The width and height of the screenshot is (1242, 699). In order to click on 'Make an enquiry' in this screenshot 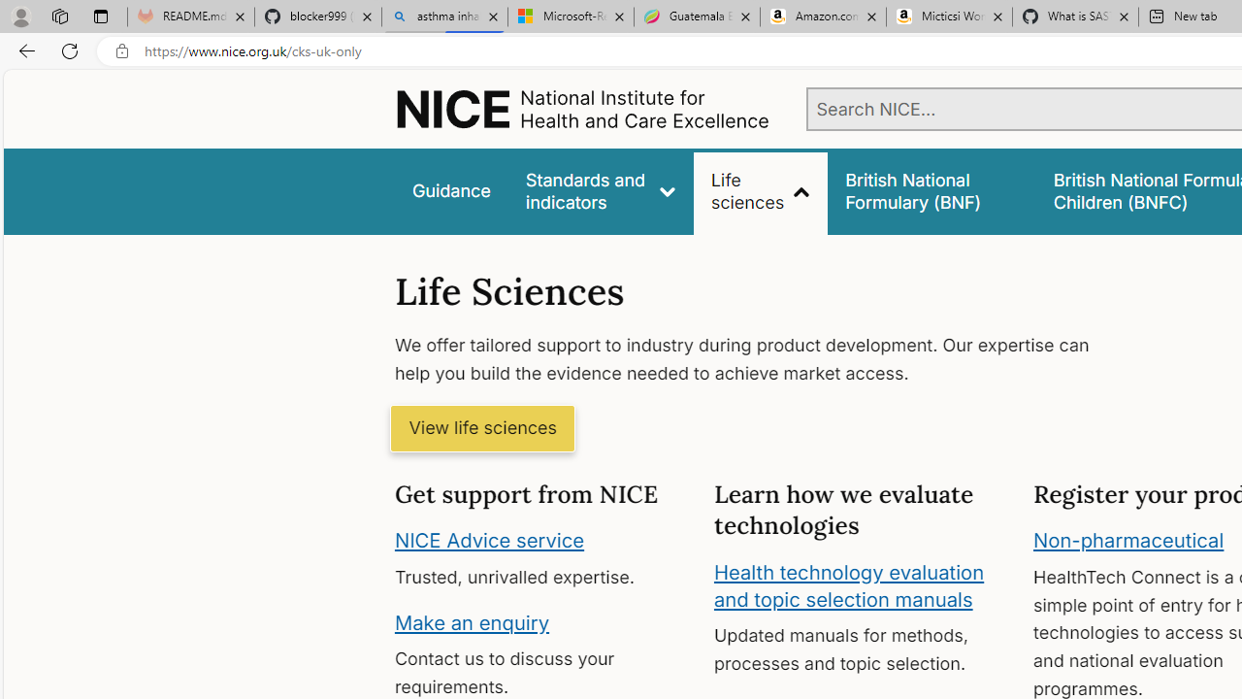, I will do `click(472, 621)`.